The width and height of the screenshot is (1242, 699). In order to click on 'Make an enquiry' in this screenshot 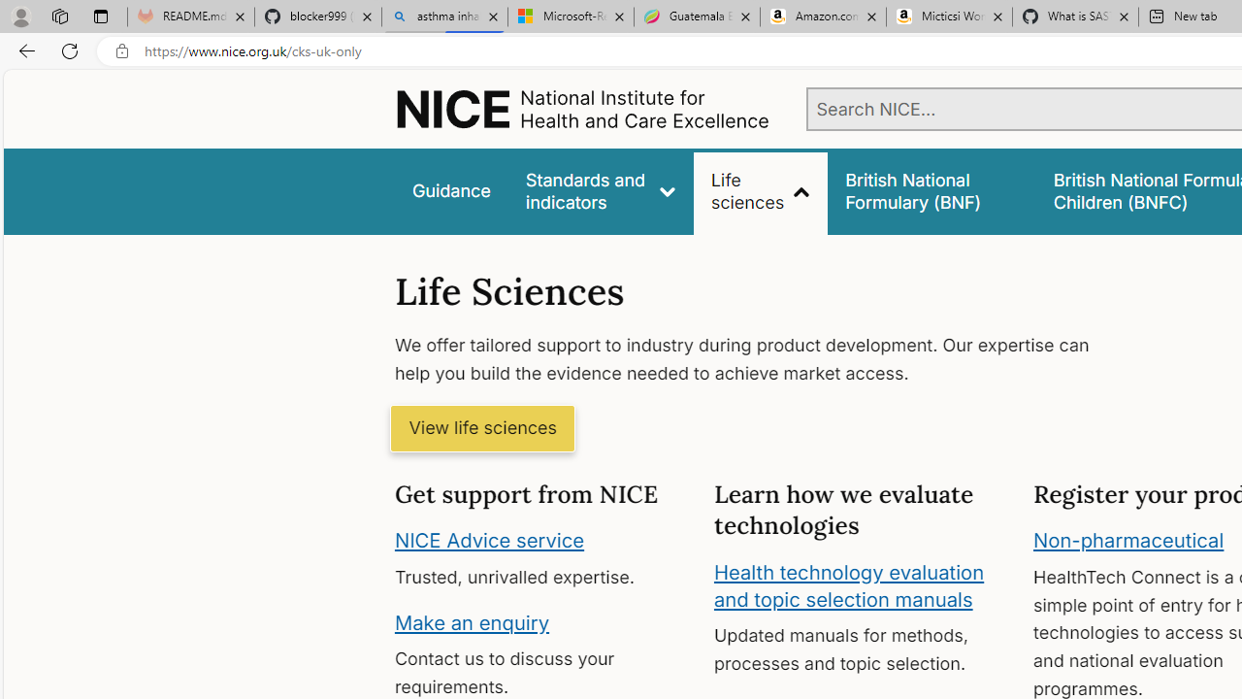, I will do `click(472, 621)`.